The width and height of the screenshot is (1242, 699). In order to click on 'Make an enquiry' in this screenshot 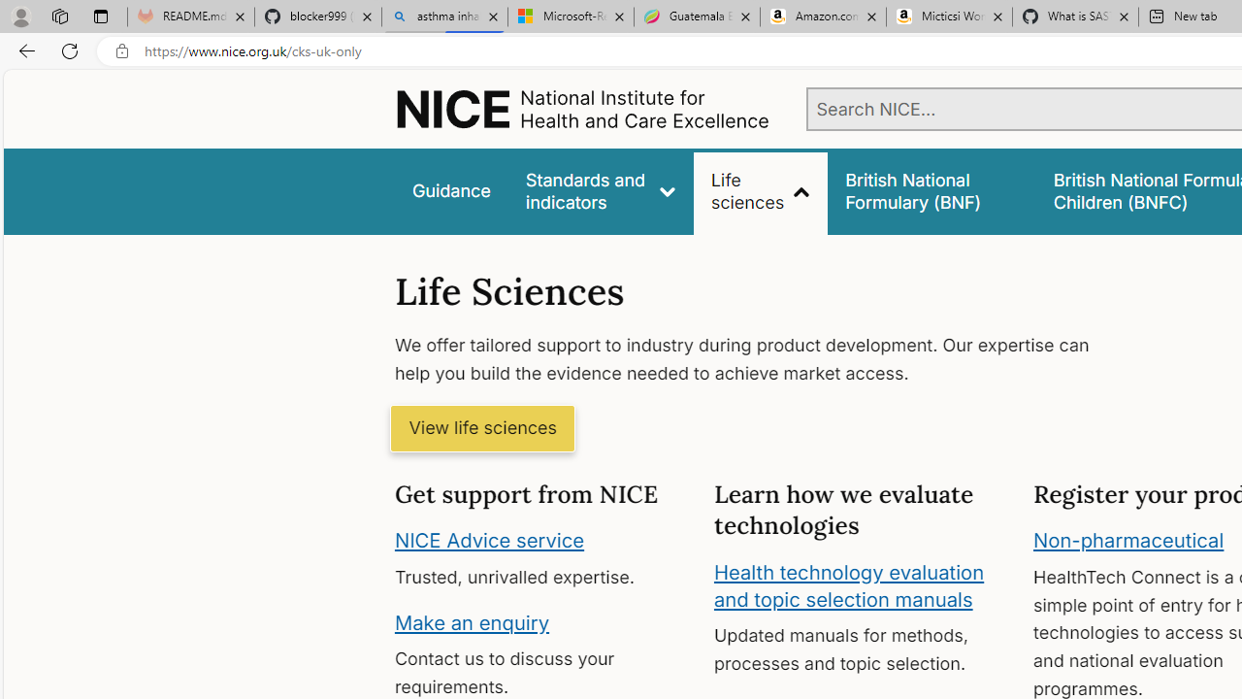, I will do `click(472, 621)`.